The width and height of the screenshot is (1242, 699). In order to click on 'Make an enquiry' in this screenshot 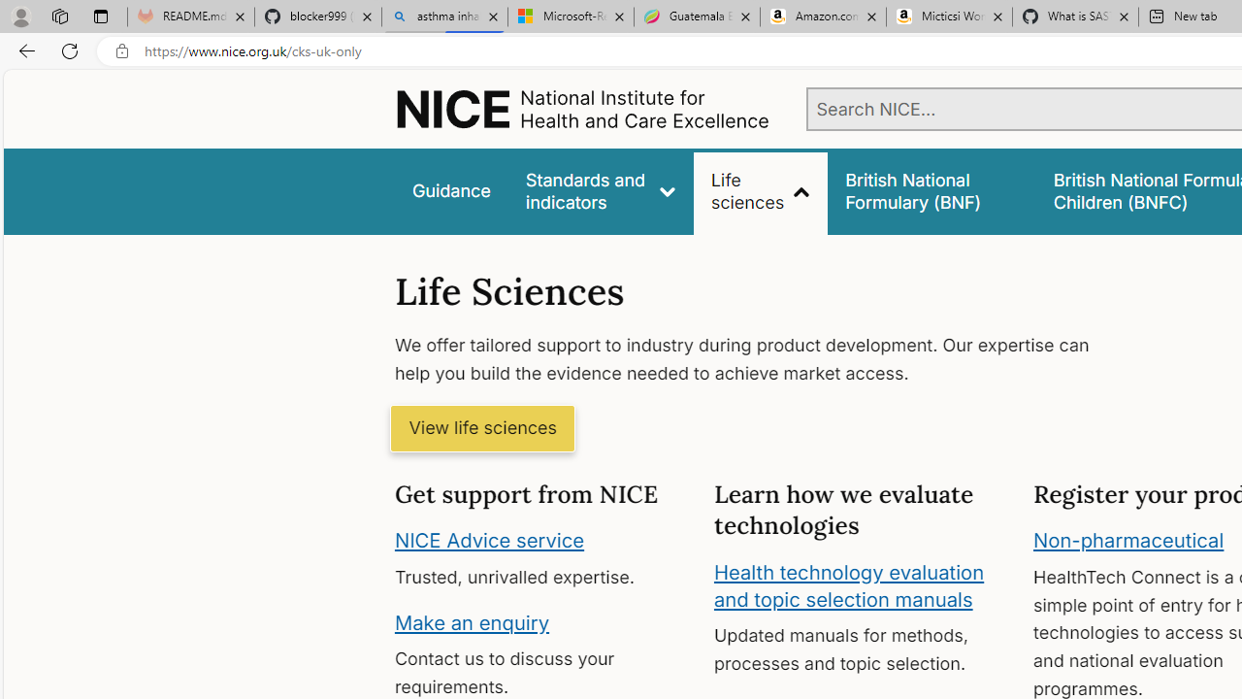, I will do `click(472, 621)`.